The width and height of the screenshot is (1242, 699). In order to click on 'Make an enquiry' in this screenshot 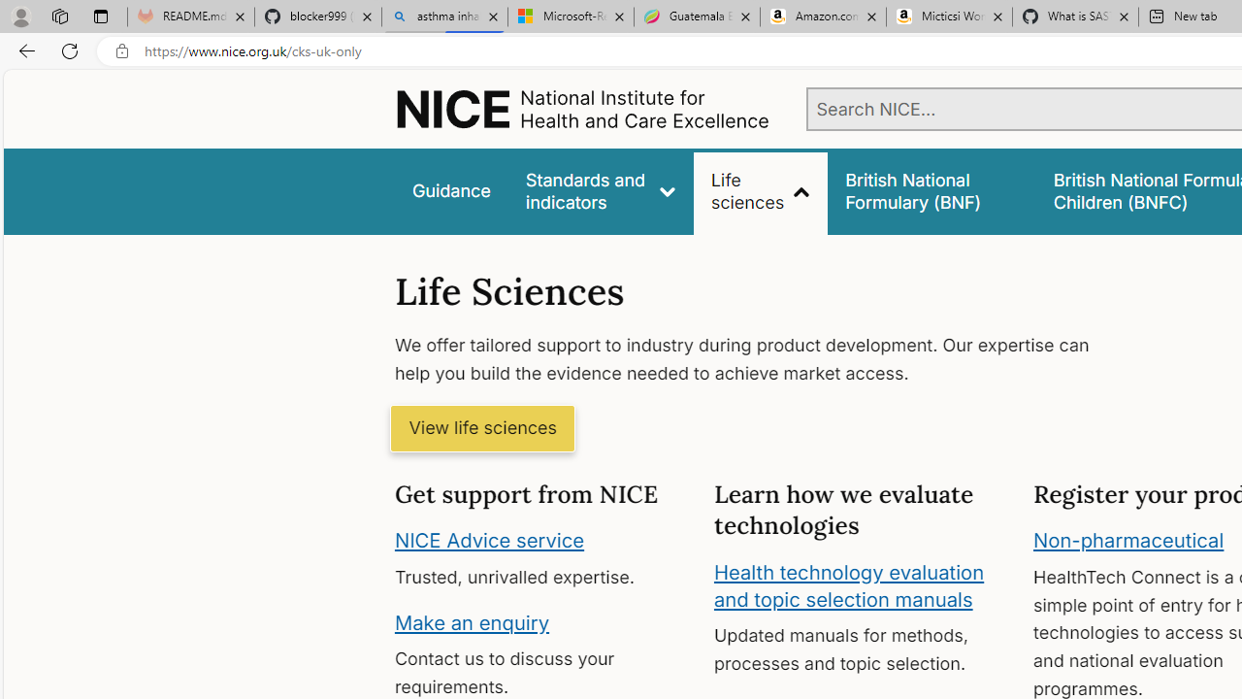, I will do `click(472, 621)`.